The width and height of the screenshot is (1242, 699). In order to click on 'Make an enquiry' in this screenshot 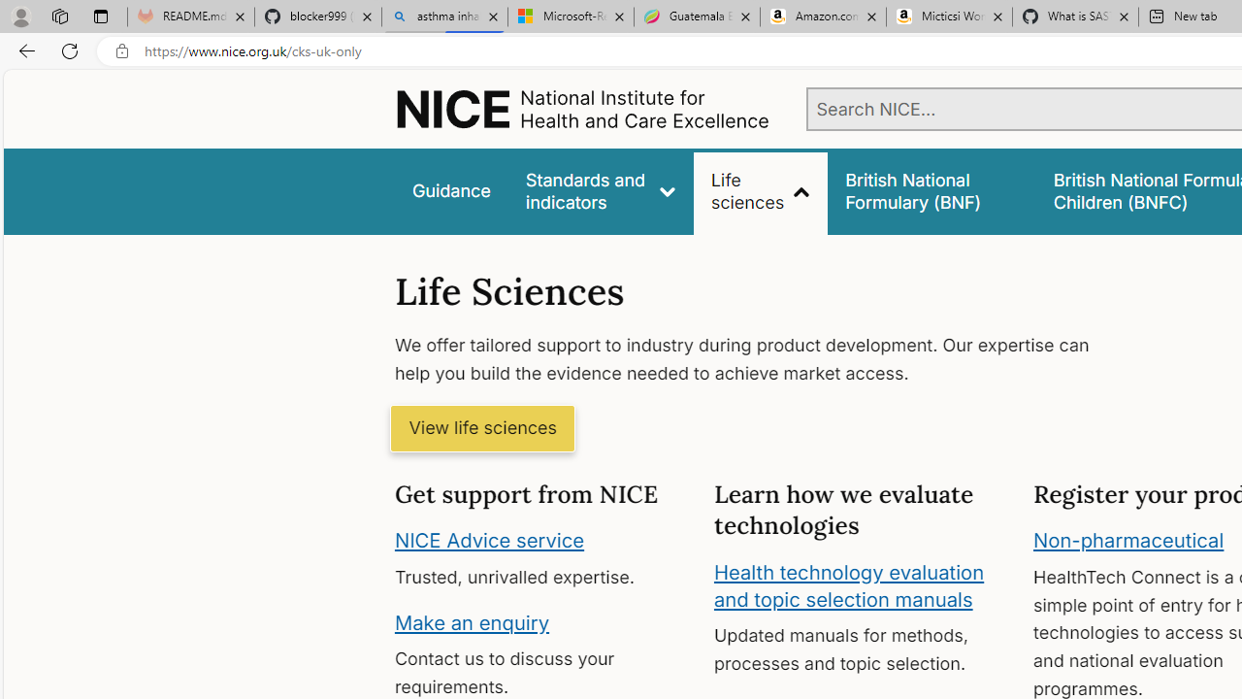, I will do `click(472, 621)`.